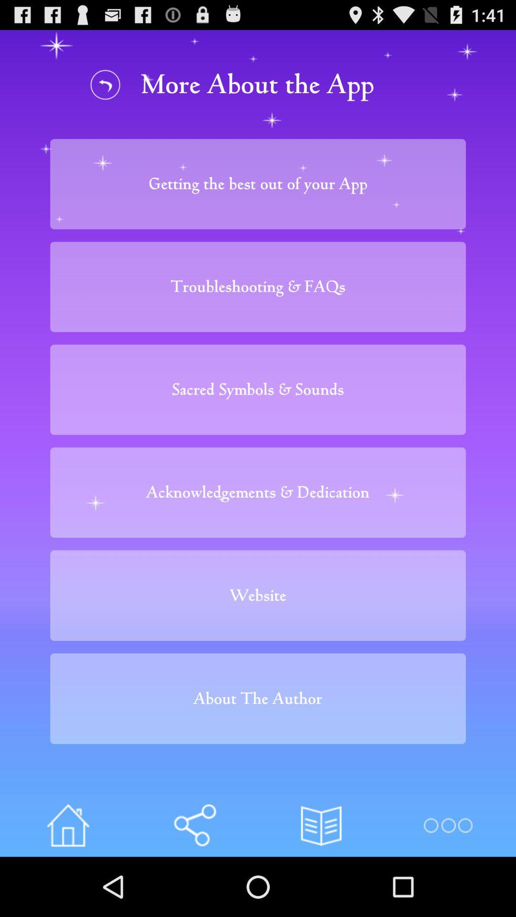 The image size is (516, 917). What do you see at coordinates (194, 883) in the screenshot?
I see `the volume icon` at bounding box center [194, 883].